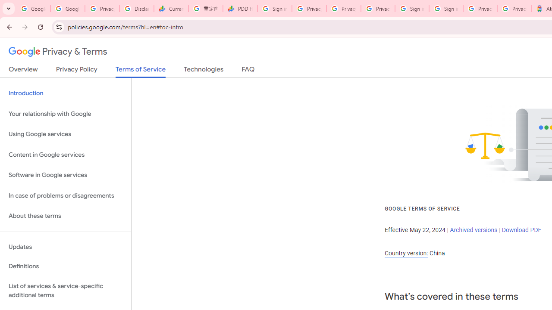 This screenshot has width=552, height=310. Describe the element at coordinates (33, 9) in the screenshot. I see `'Google Workspace Admin Community'` at that location.